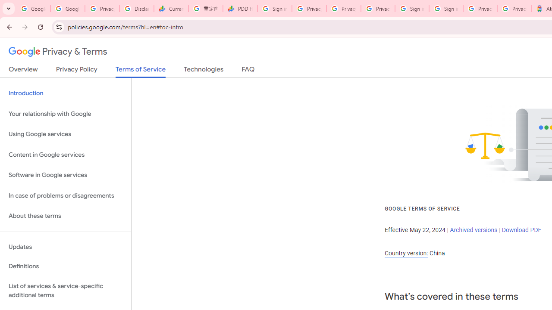 This screenshot has width=552, height=310. Describe the element at coordinates (33, 9) in the screenshot. I see `'Google Workspace Admin Community'` at that location.